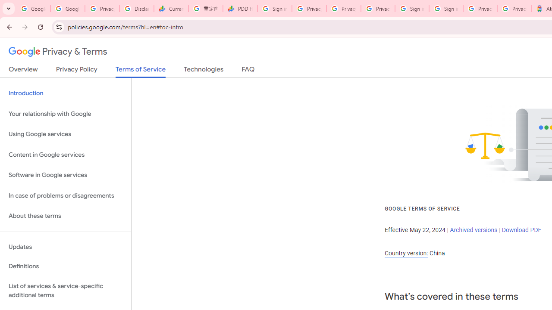 This screenshot has width=552, height=310. Describe the element at coordinates (33, 9) in the screenshot. I see `'Google Workspace Admin Community'` at that location.